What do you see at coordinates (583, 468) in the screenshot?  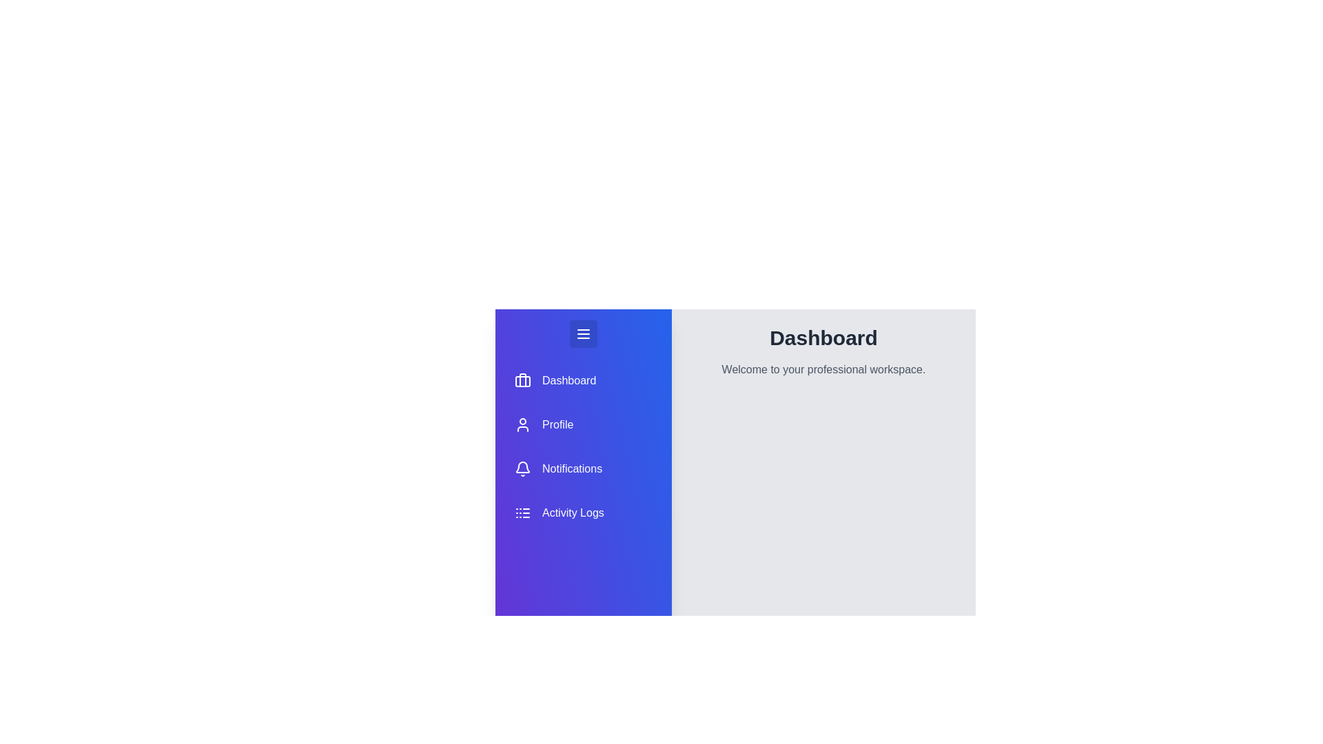 I see `the menu item corresponding to Notifications to navigate to its respective section` at bounding box center [583, 468].